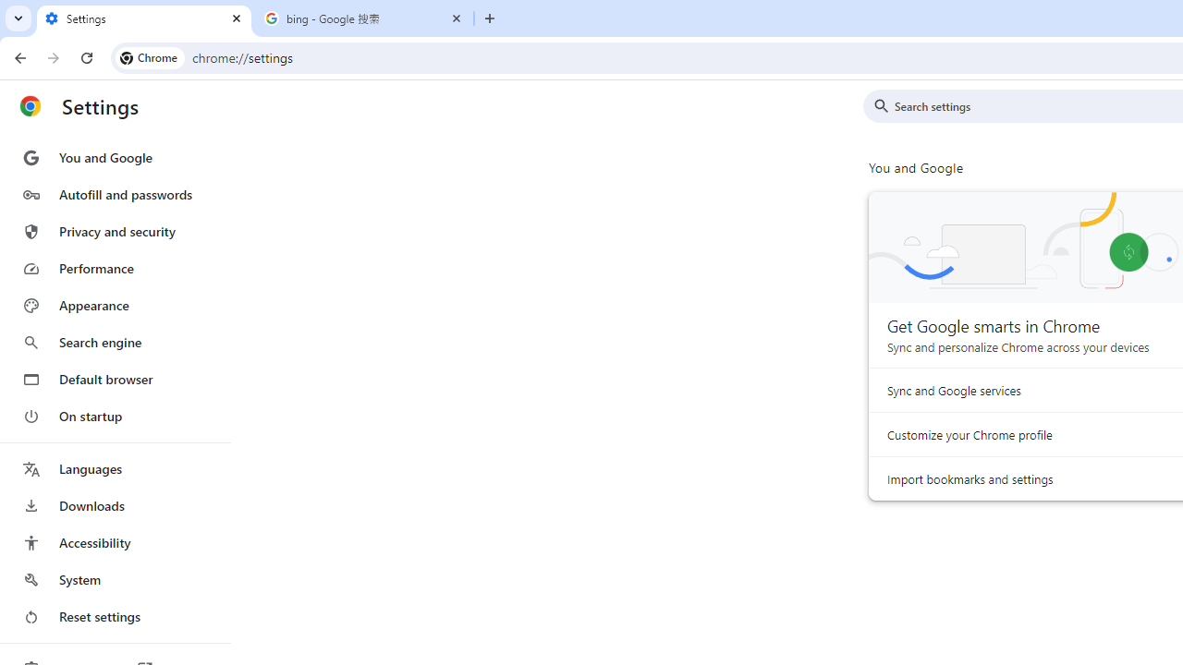 The image size is (1183, 665). I want to click on 'Appearance', so click(114, 305).